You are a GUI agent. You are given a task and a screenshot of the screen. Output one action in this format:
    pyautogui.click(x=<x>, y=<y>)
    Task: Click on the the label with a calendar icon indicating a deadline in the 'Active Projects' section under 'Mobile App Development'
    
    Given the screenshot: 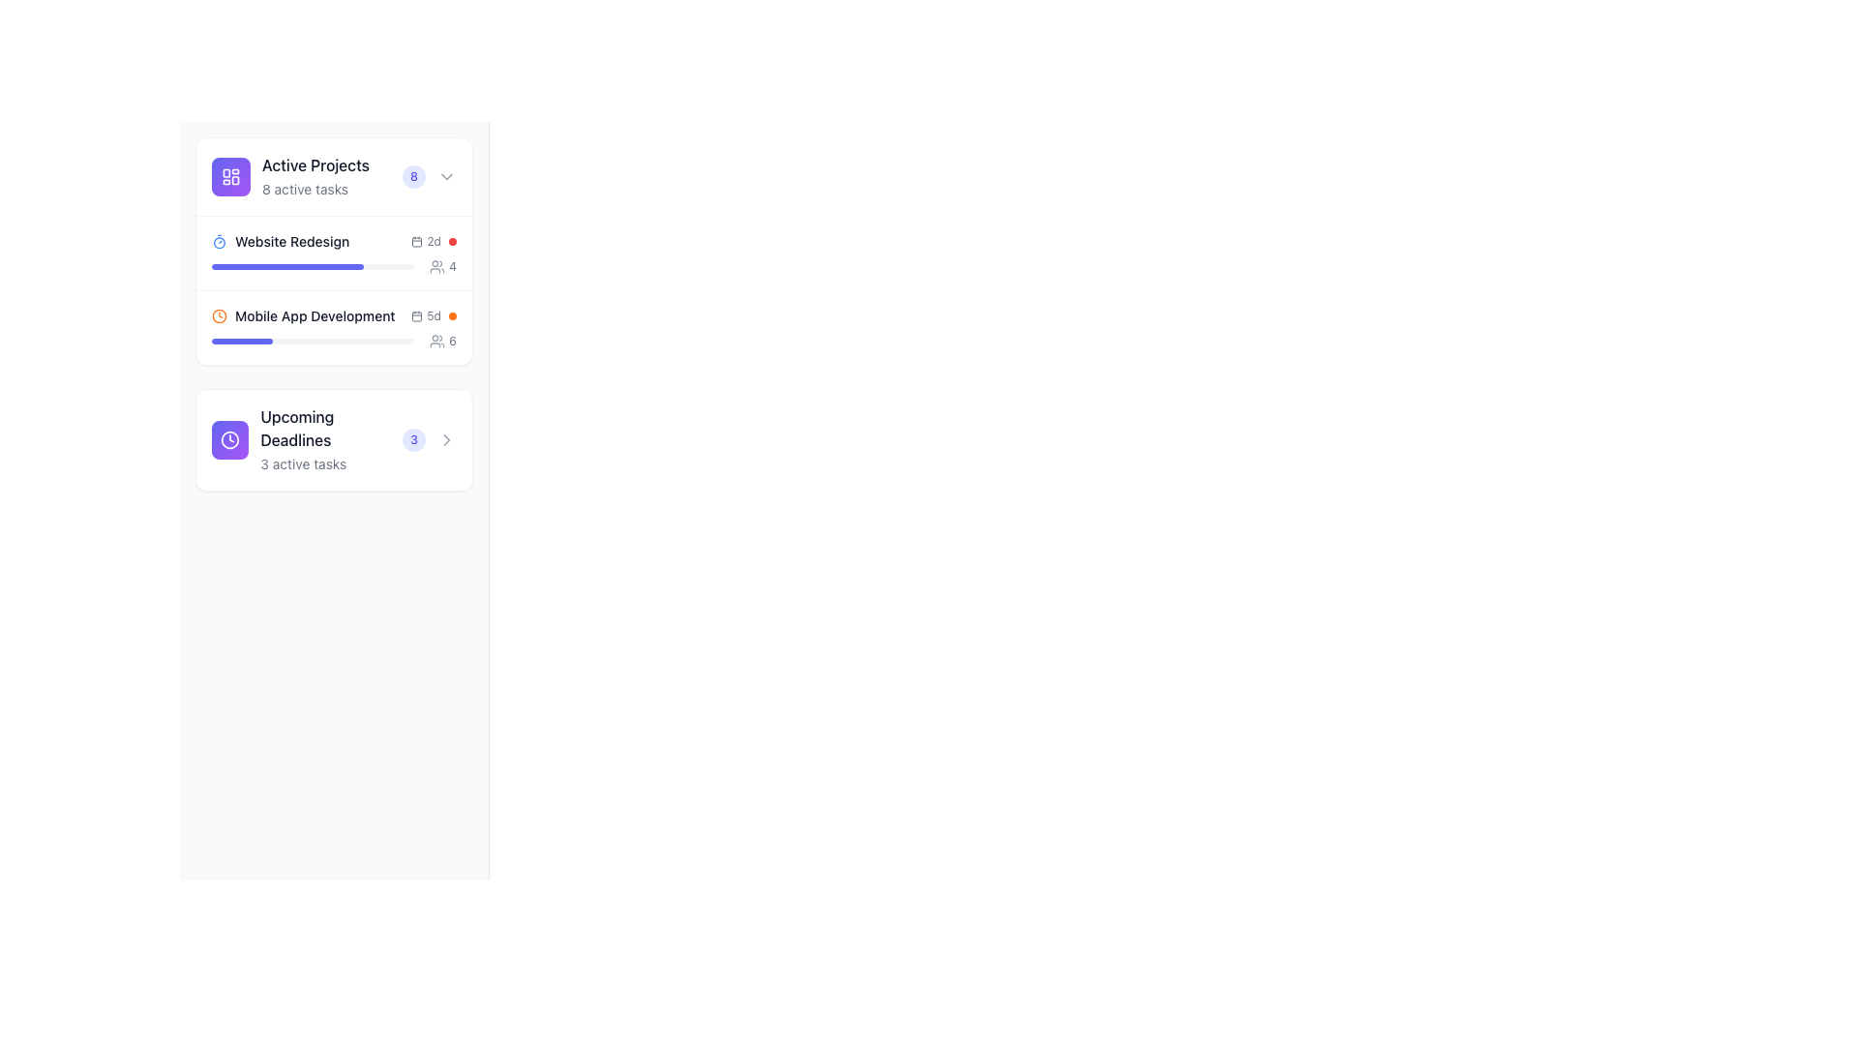 What is the action you would take?
    pyautogui.click(x=425, y=315)
    